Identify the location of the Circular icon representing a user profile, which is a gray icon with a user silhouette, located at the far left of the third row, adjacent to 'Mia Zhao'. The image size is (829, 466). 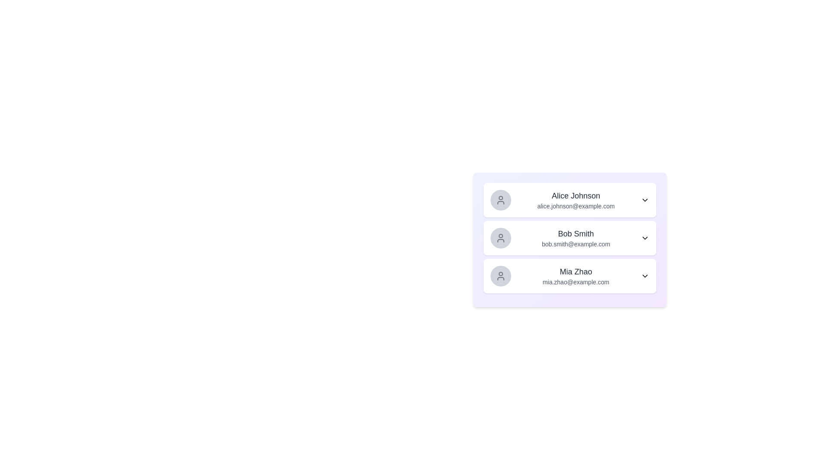
(501, 276).